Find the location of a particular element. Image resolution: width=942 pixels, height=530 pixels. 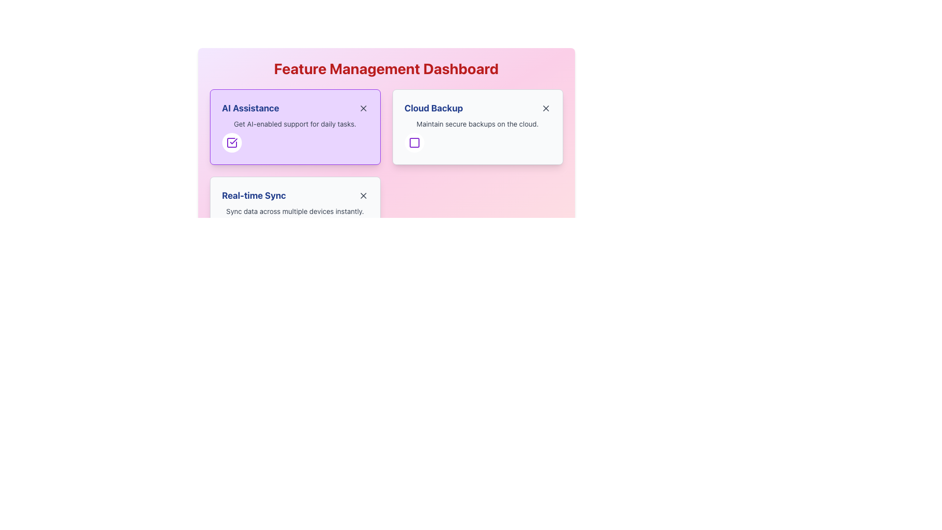

the 'Cloud Backup' feature card located in the top-right corner of the grid is located at coordinates (477, 126).